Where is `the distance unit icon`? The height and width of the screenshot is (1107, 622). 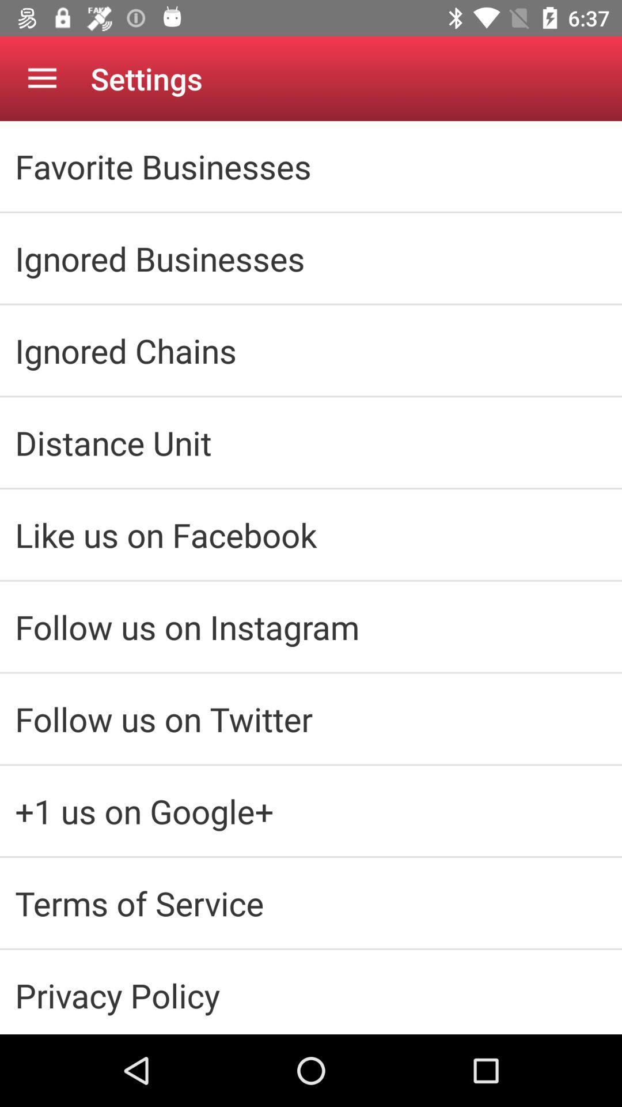 the distance unit icon is located at coordinates (311, 442).